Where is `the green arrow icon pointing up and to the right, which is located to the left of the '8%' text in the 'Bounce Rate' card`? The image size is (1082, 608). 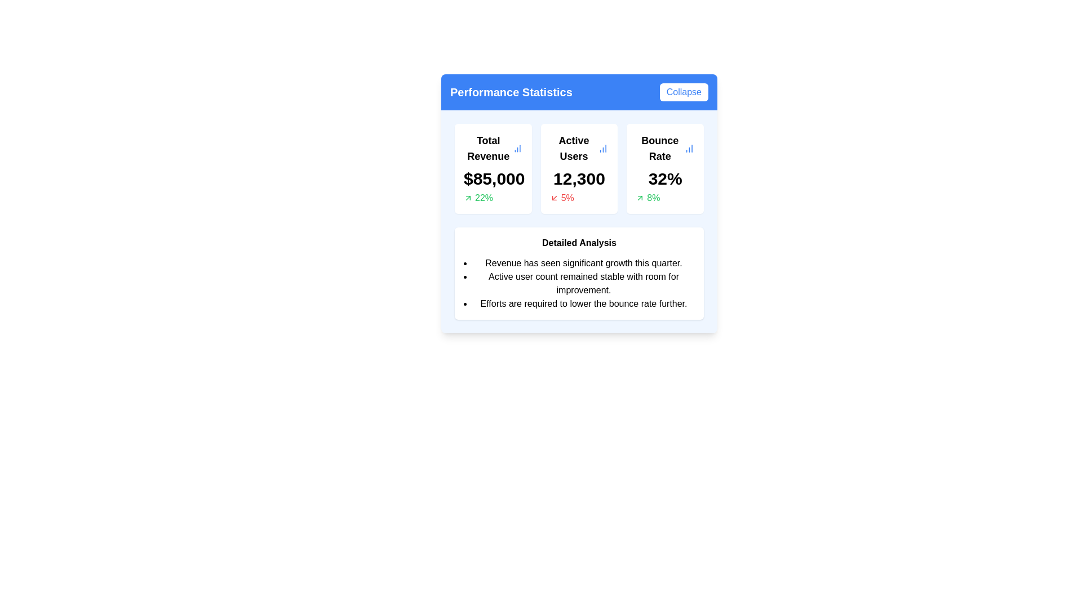 the green arrow icon pointing up and to the right, which is located to the left of the '8%' text in the 'Bounce Rate' card is located at coordinates (640, 197).